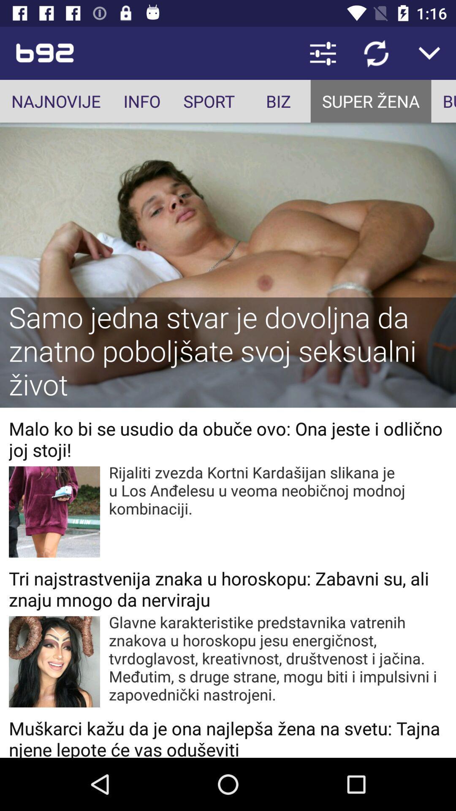 This screenshot has width=456, height=811. Describe the element at coordinates (54, 661) in the screenshot. I see `third image on page` at that location.